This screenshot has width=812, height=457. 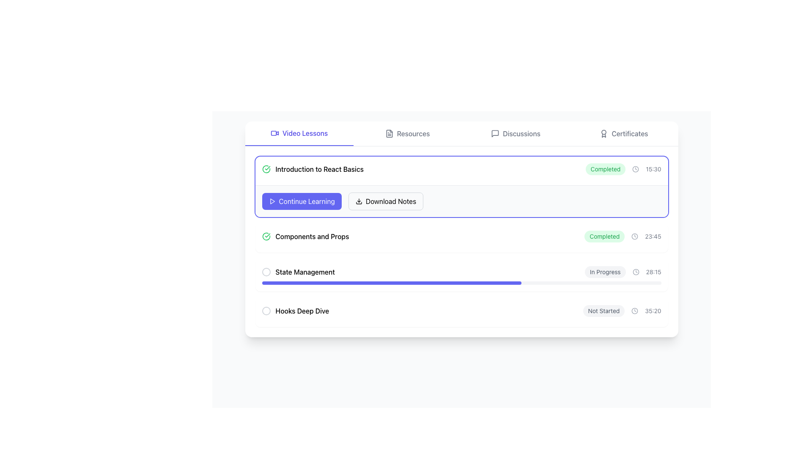 What do you see at coordinates (630, 133) in the screenshot?
I see `the 'Certificates' text label located in the top-right navigation menu of the interface` at bounding box center [630, 133].